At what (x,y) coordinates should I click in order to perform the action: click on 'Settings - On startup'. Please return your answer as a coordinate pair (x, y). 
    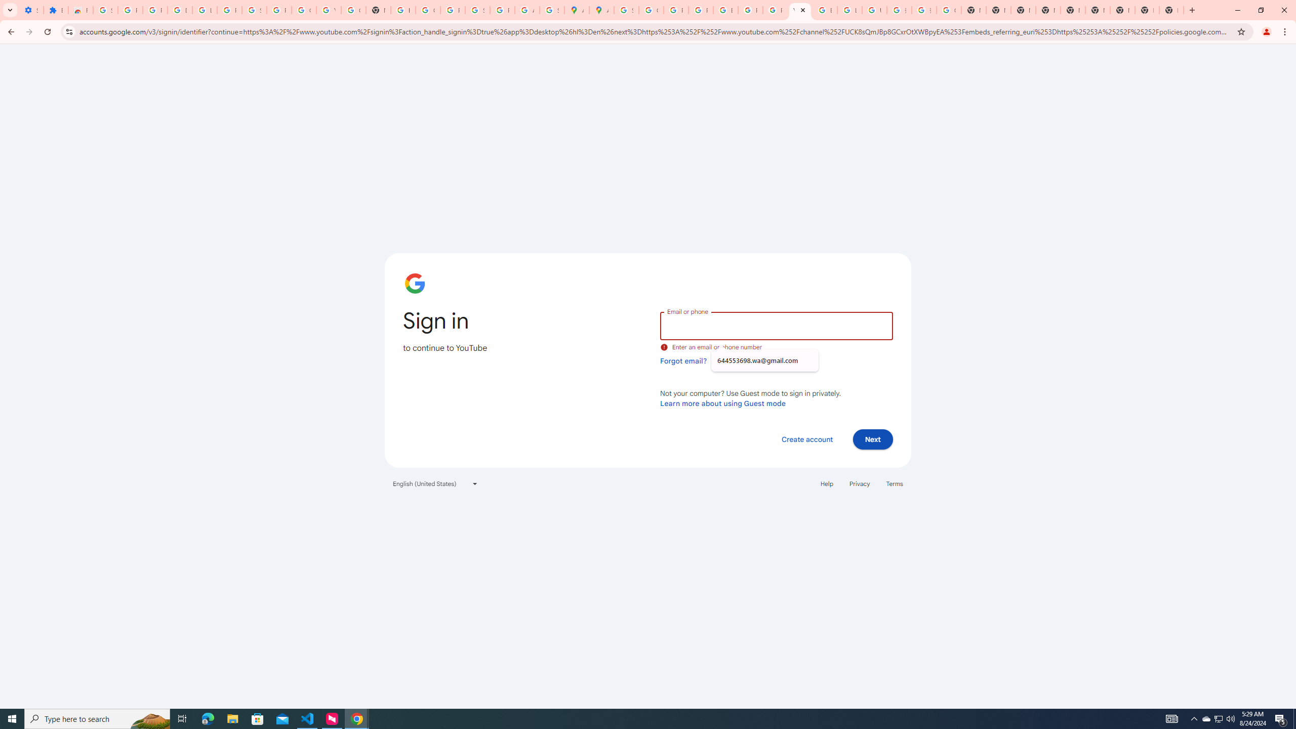
    Looking at the image, I should click on (31, 10).